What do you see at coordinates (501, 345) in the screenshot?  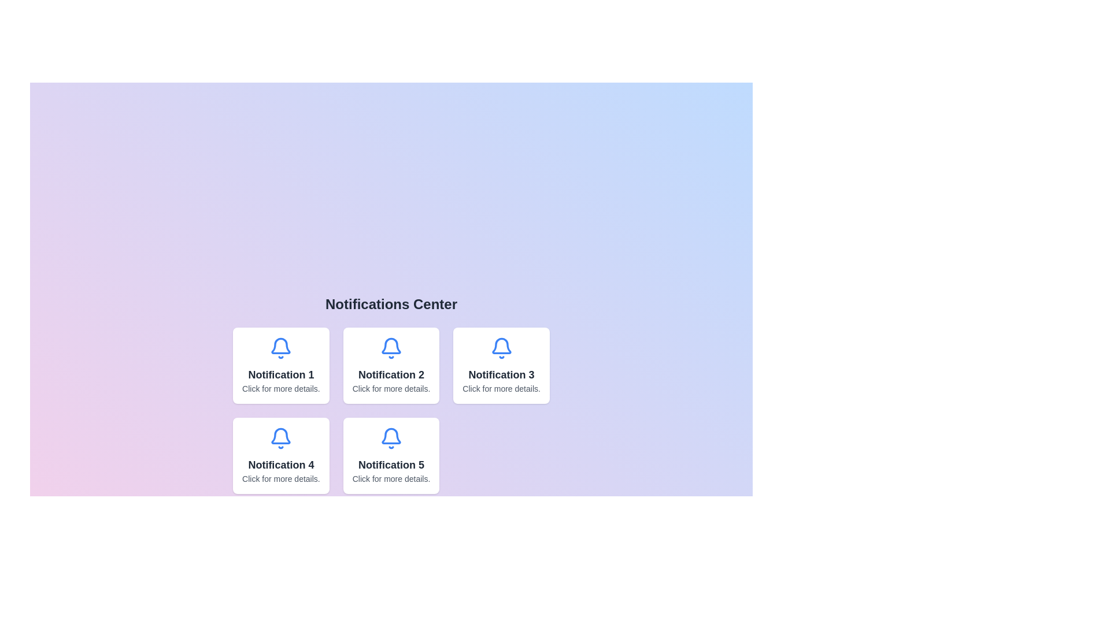 I see `the notification icon located at the top of the card labeled 'Notification 3', which visually indicates the type of notification` at bounding box center [501, 345].